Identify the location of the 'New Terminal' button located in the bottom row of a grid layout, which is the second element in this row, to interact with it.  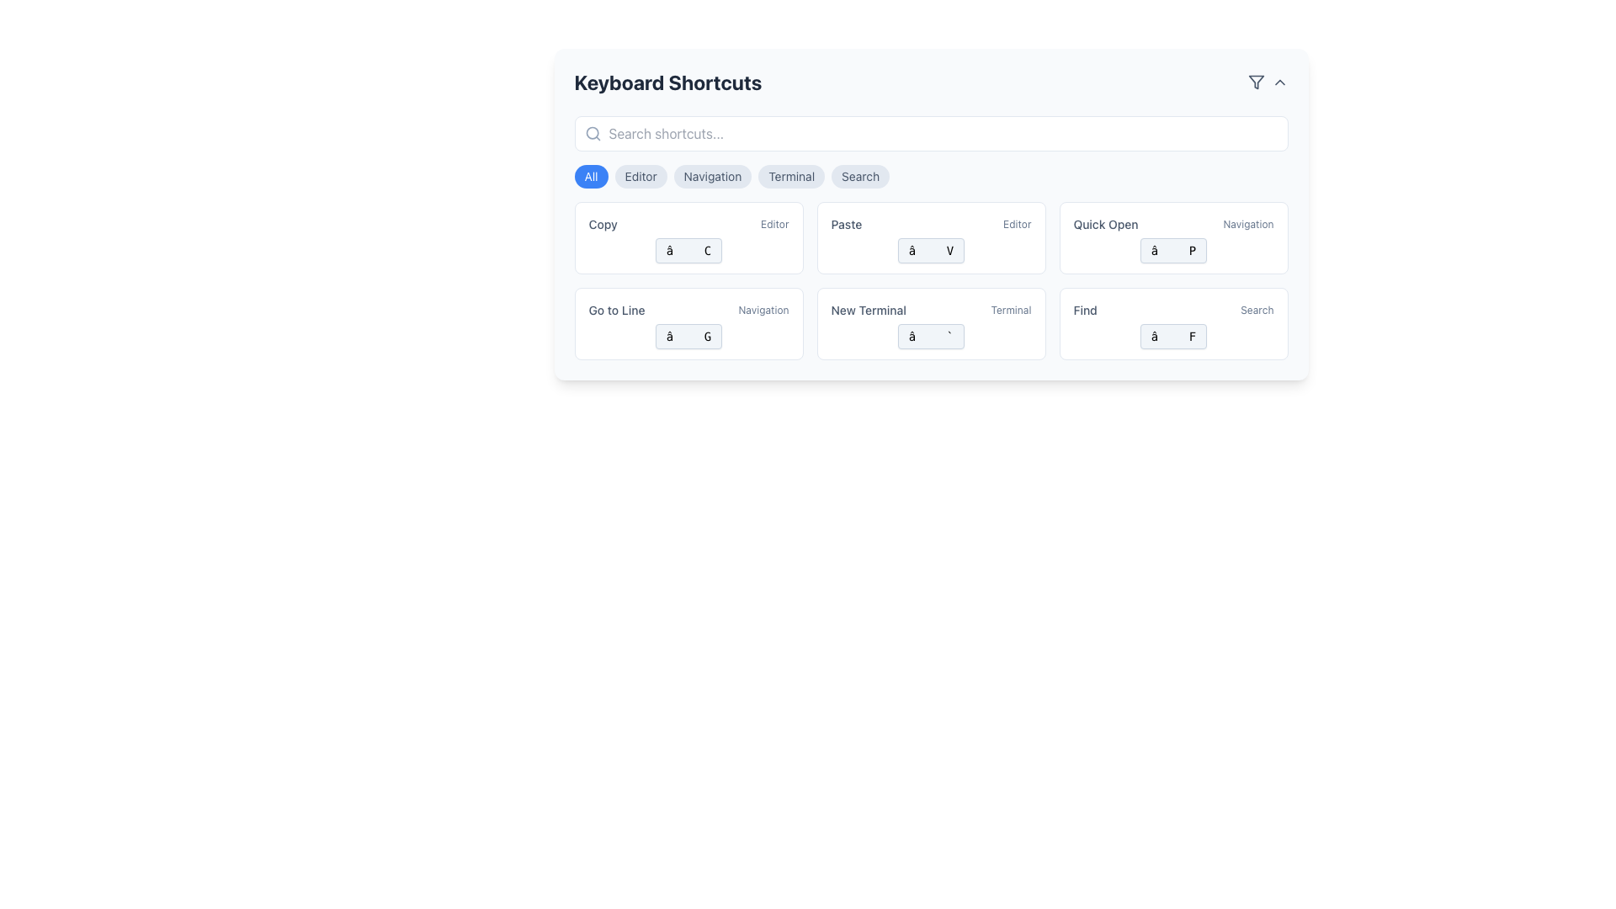
(930, 324).